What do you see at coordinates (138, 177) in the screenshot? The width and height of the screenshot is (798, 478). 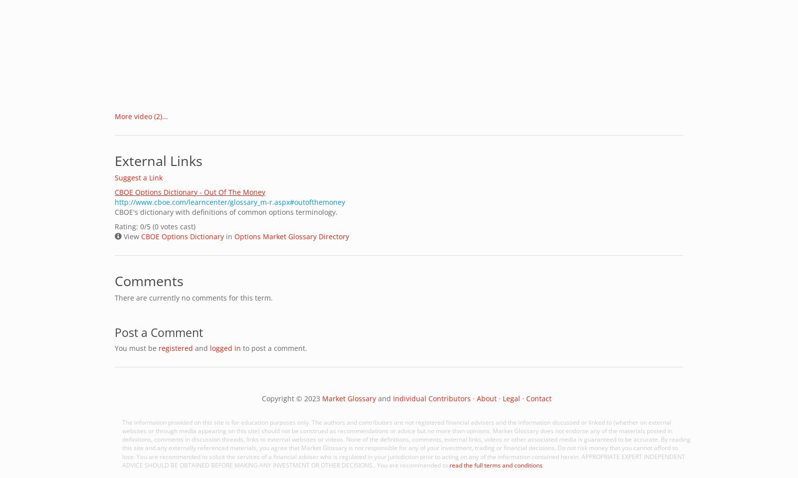 I see `'Suggest a Link'` at bounding box center [138, 177].